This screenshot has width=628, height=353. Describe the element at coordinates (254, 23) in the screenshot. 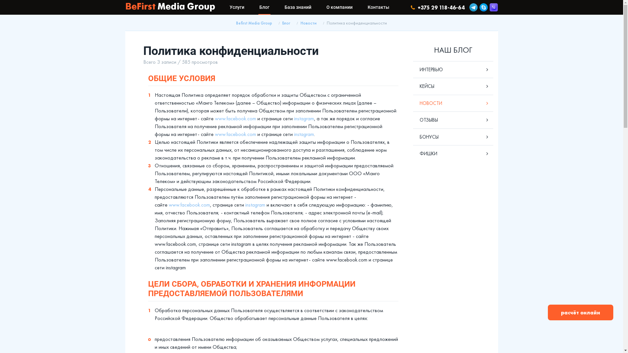

I see `'Befirst Media Group'` at that location.